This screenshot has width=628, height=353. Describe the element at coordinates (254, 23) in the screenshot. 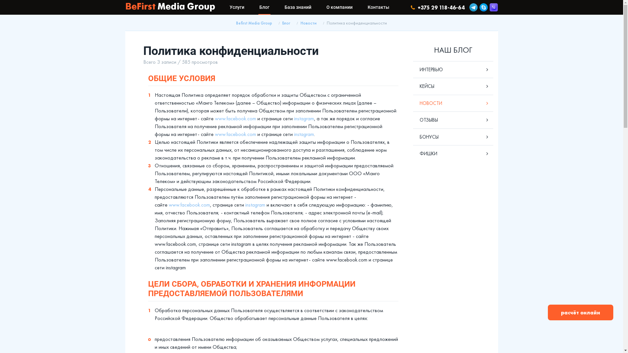

I see `'Befirst Media Group'` at that location.